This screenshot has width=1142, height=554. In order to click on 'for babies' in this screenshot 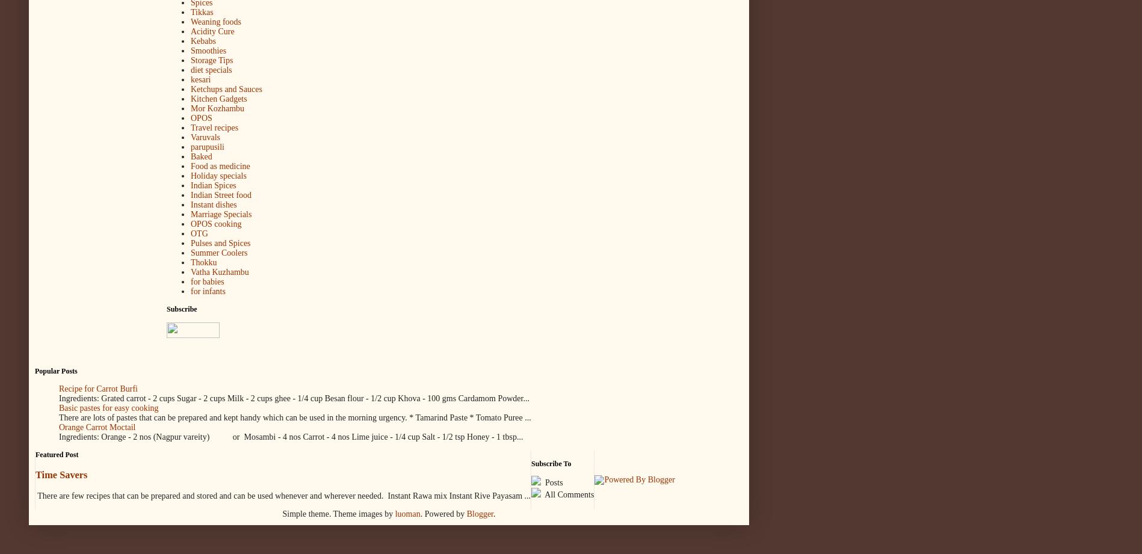, I will do `click(207, 281)`.